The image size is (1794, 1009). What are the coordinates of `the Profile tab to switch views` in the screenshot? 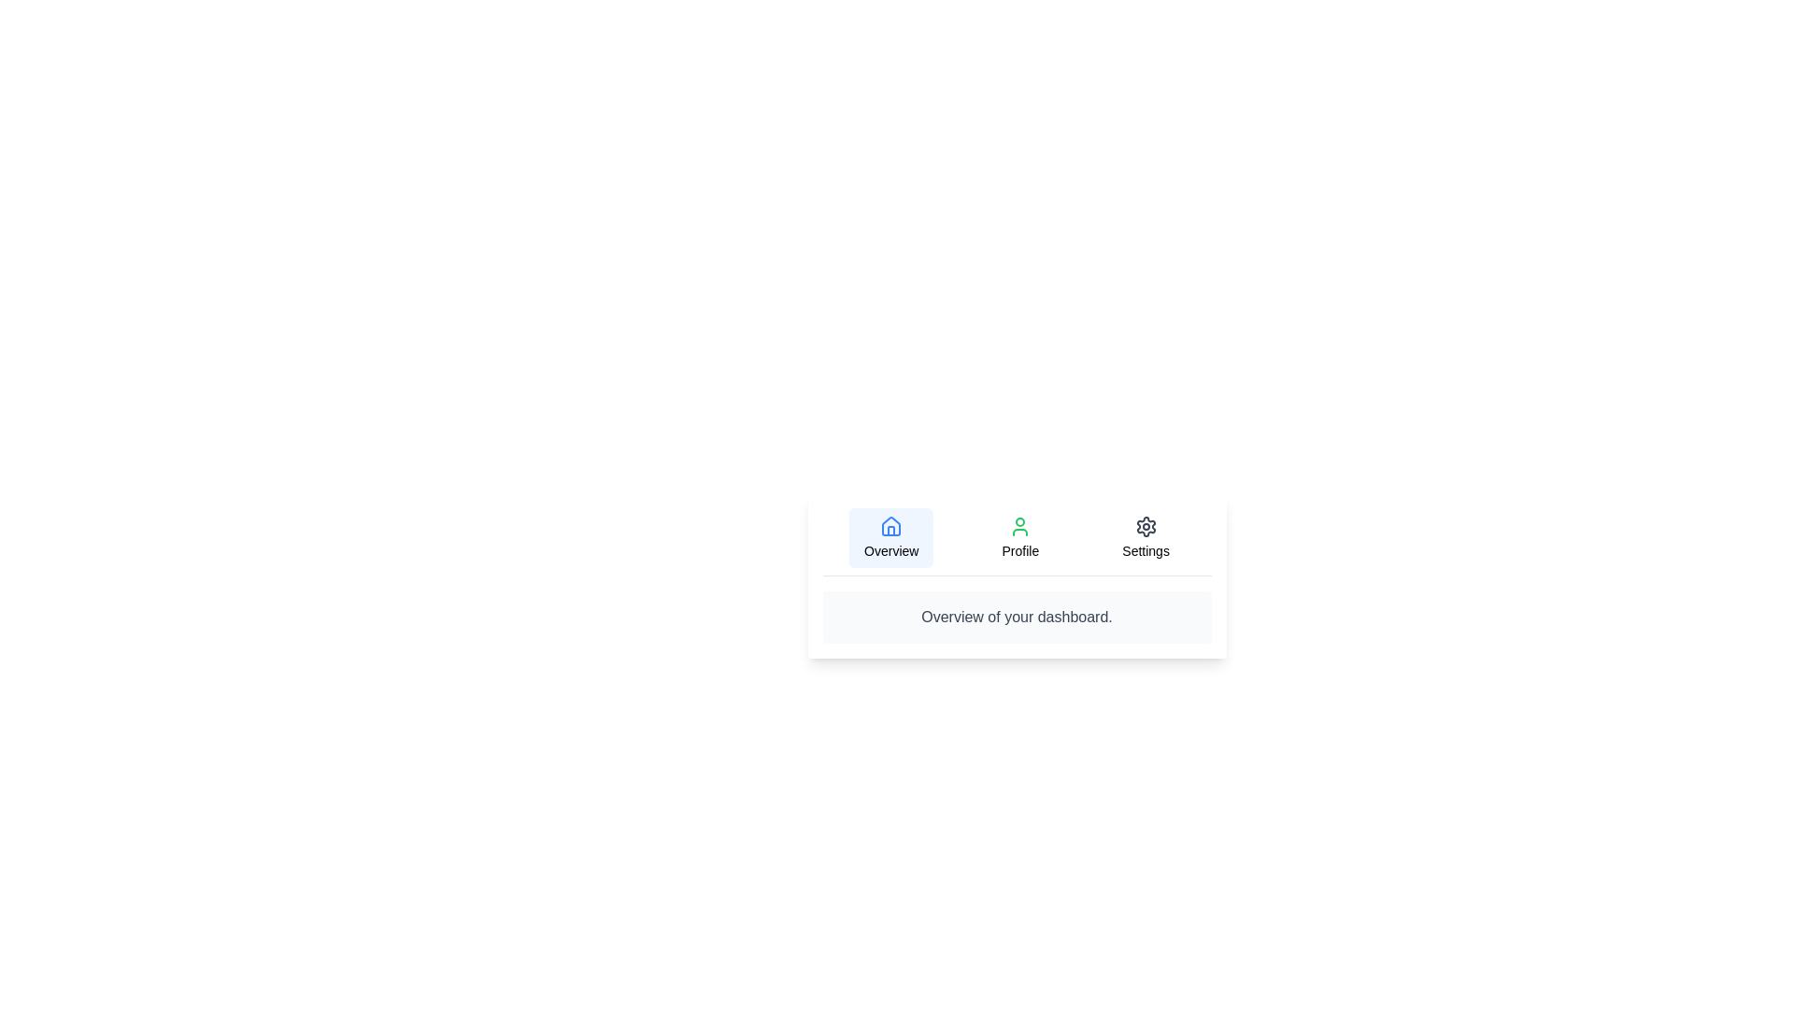 It's located at (1019, 537).